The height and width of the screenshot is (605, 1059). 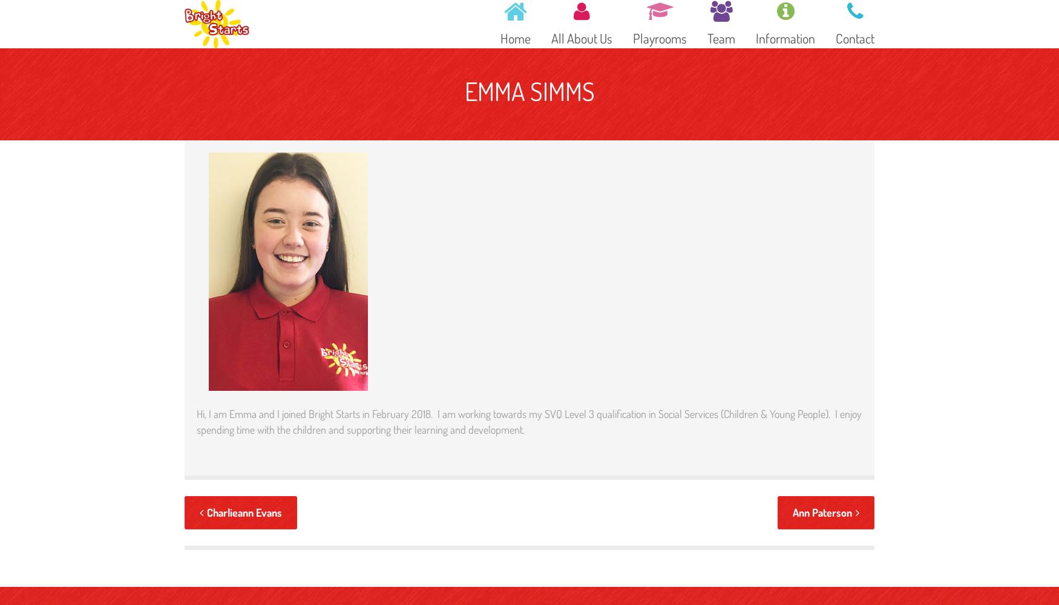 I want to click on 'Information', so click(x=784, y=38).